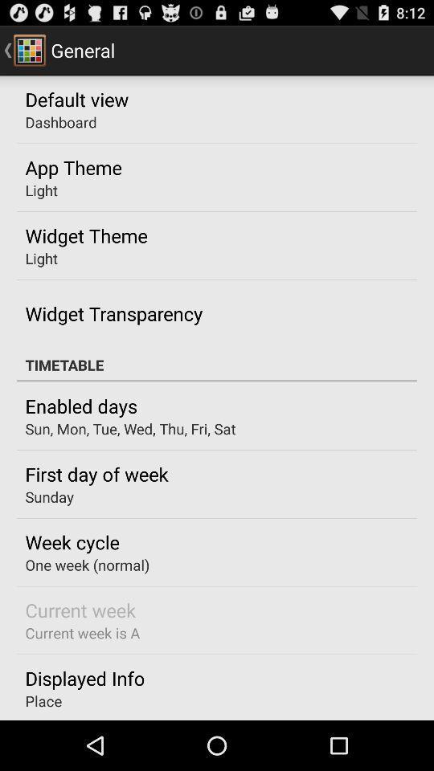 The image size is (434, 771). What do you see at coordinates (72, 167) in the screenshot?
I see `app theme item` at bounding box center [72, 167].